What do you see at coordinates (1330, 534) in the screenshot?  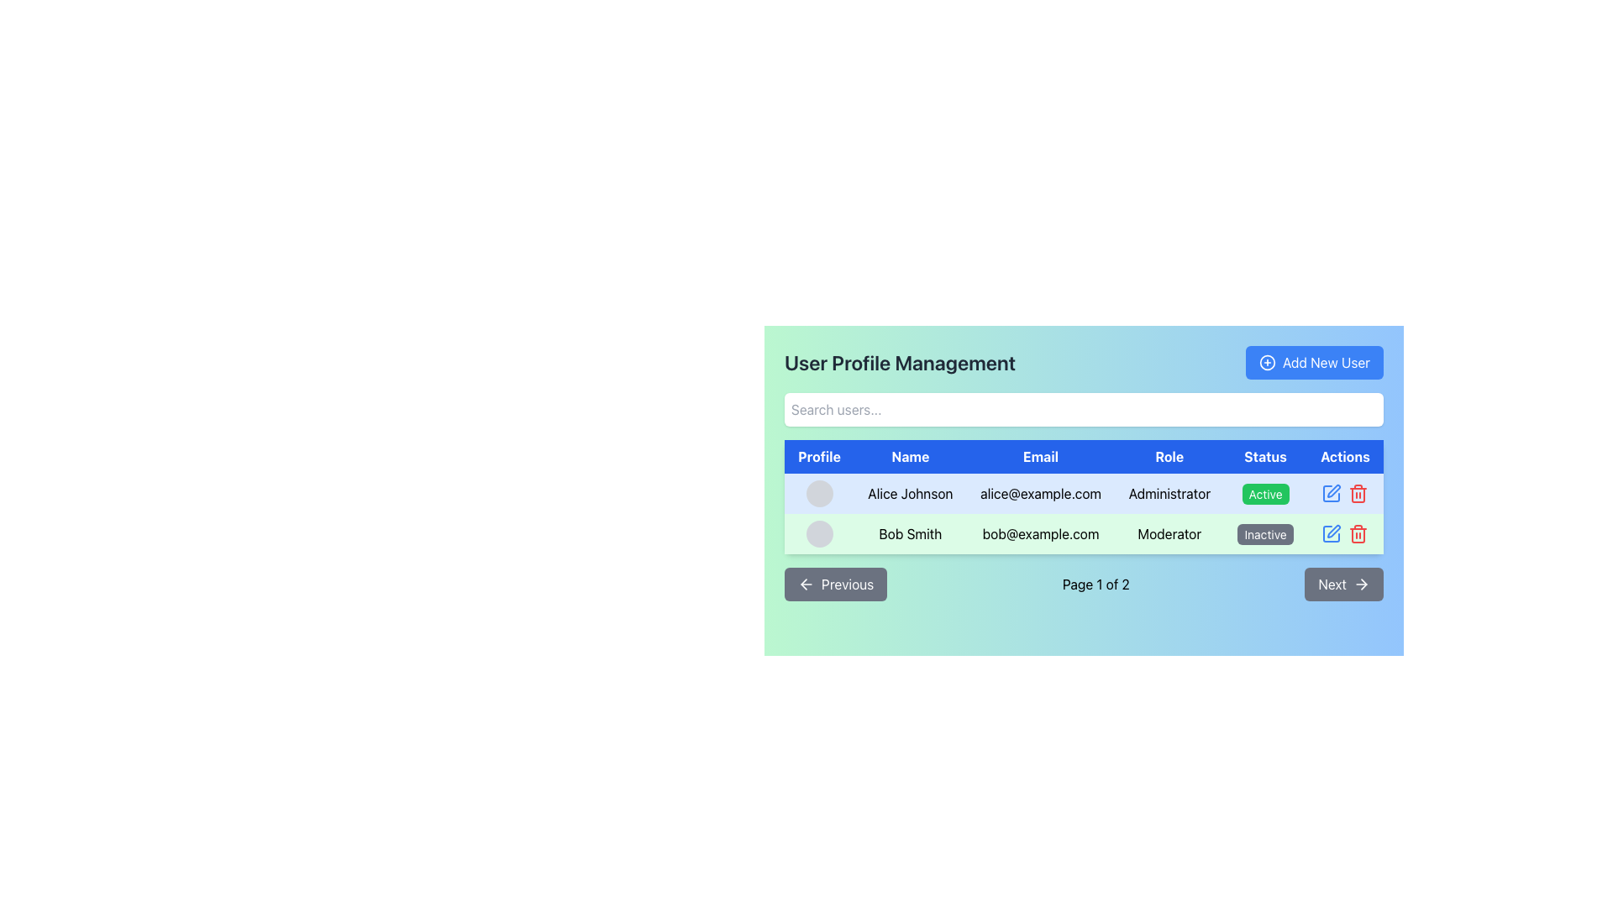 I see `the edit button located in the 'Actions' column of the second row of the user management table to initiate editing` at bounding box center [1330, 534].